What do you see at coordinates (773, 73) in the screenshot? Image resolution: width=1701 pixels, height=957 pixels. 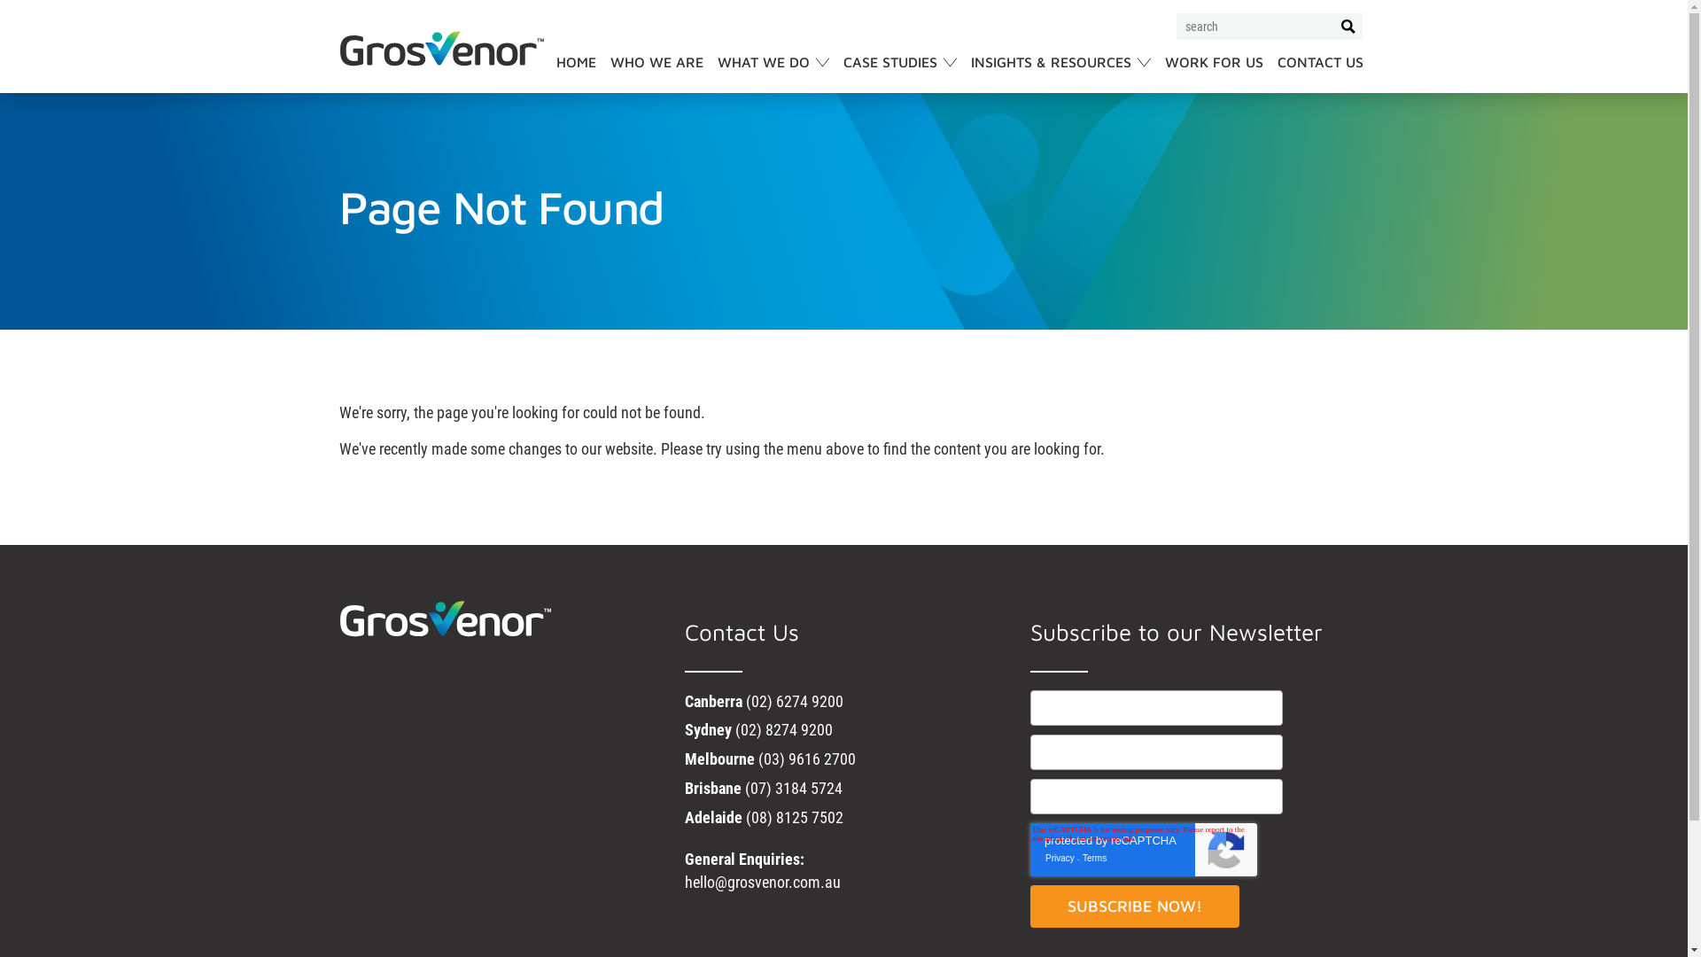 I see `'WHAT WE DO'` at bounding box center [773, 73].